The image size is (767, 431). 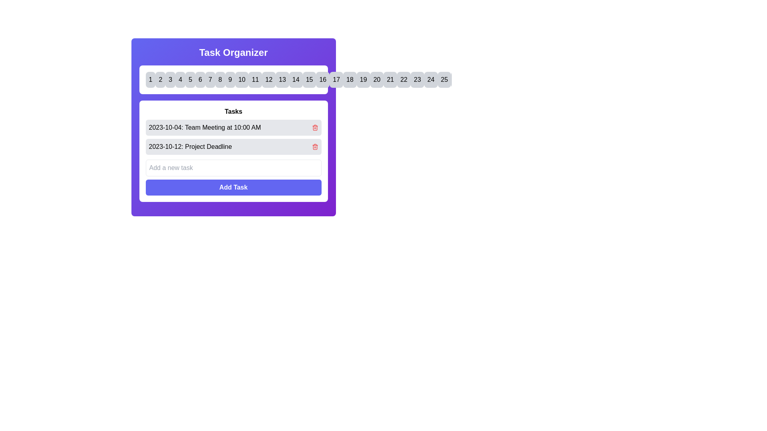 What do you see at coordinates (200, 80) in the screenshot?
I see `the 6th button in the horizontally arranged series within the 'Task Organizer' widget` at bounding box center [200, 80].